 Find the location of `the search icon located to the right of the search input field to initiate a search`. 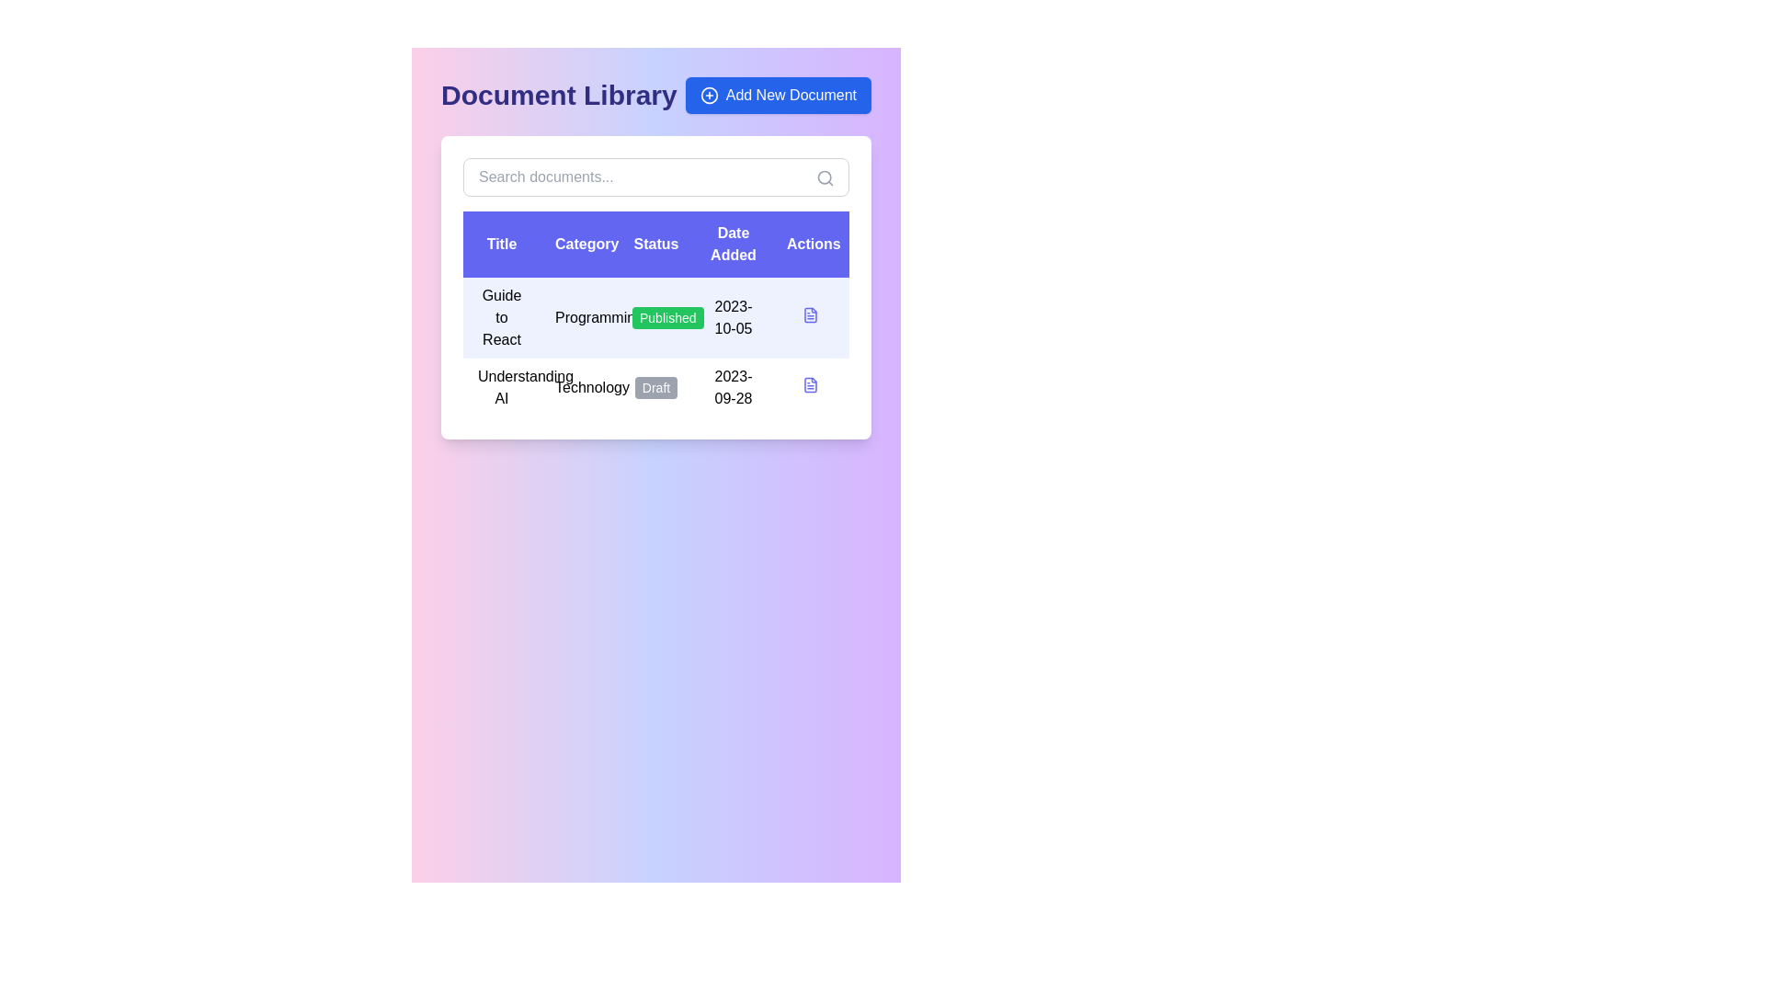

the search icon located to the right of the search input field to initiate a search is located at coordinates (824, 177).